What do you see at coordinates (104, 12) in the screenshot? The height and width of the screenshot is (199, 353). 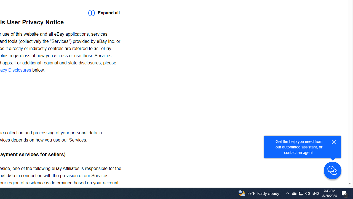 I see `'Expand all'` at bounding box center [104, 12].